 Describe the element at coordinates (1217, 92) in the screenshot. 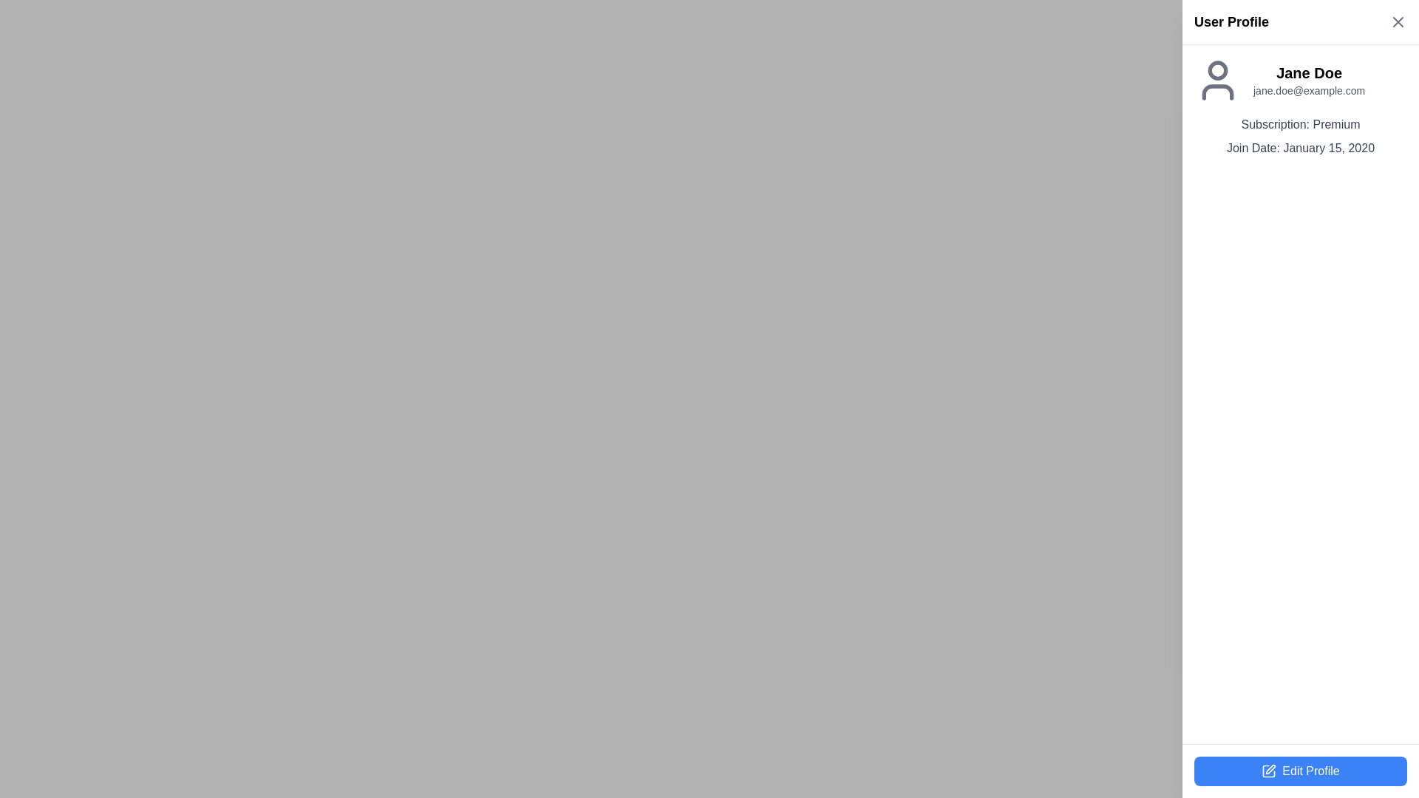

I see `the lower-body shape icon in the user profile graphic located at the top-right section of the layout, underneath the circular profile image` at that location.